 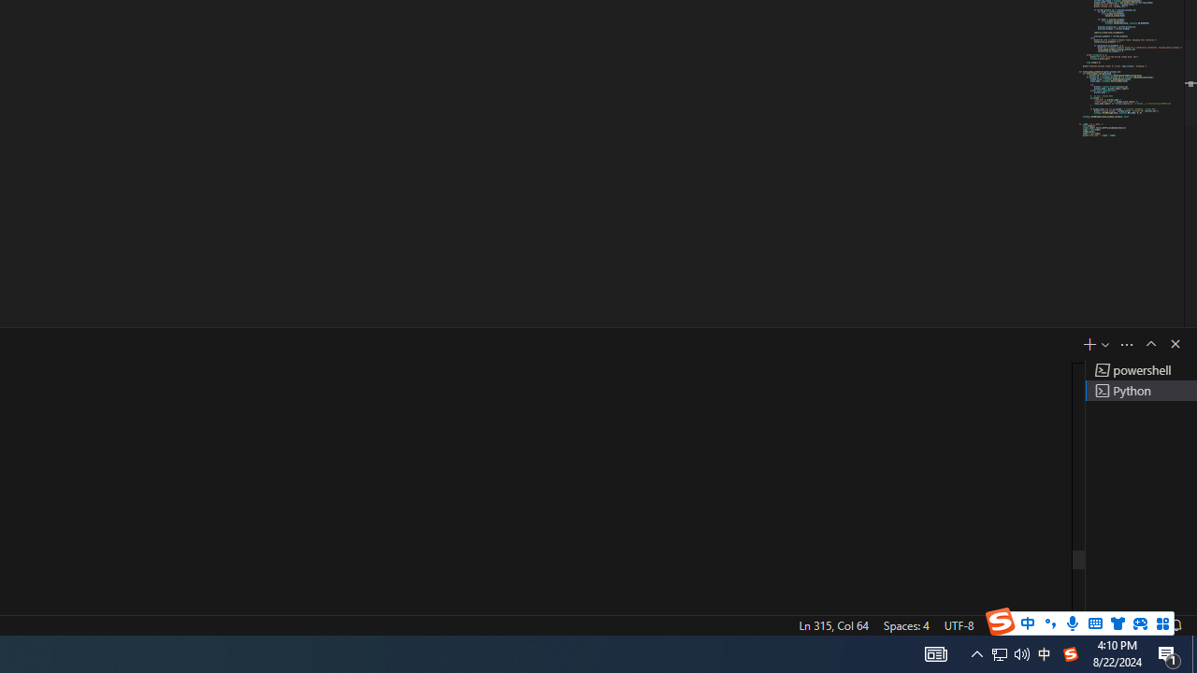 What do you see at coordinates (1140, 389) in the screenshot?
I see `'Terminal 2 Python'` at bounding box center [1140, 389].